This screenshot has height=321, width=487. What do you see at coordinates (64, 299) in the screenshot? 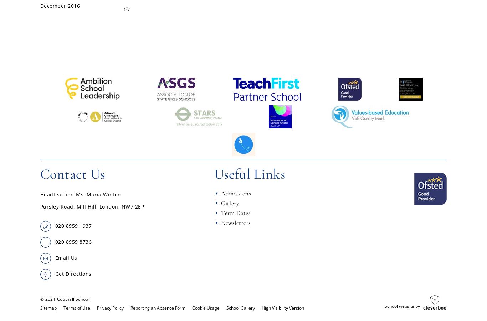
I see `'© 2021 Copthall School'` at bounding box center [64, 299].